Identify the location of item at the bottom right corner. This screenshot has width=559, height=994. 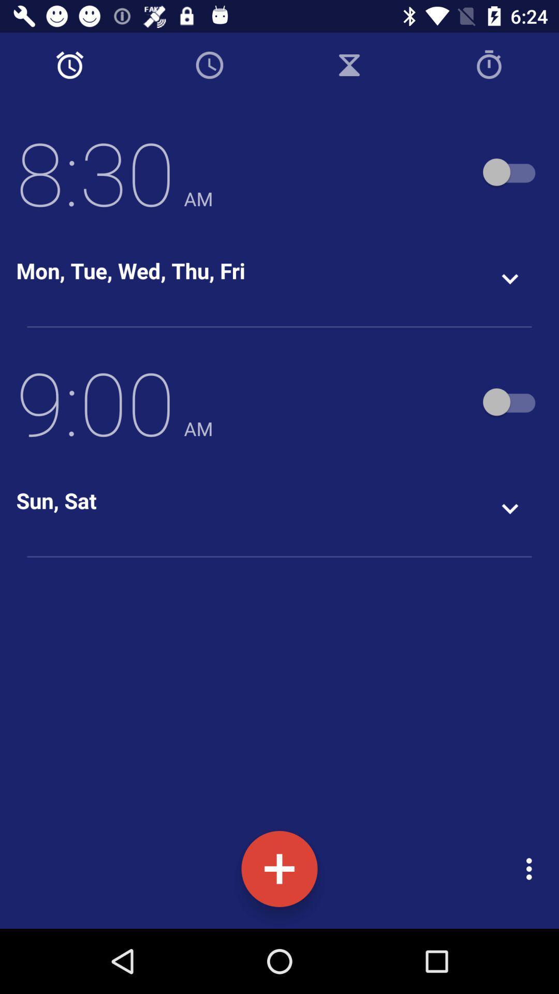
(532, 869).